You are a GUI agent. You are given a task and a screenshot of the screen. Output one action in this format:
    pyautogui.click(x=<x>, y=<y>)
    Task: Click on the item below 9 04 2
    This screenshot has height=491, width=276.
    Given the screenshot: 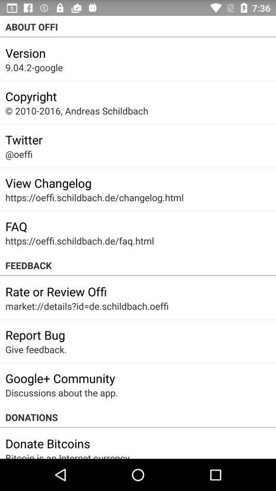 What is the action you would take?
    pyautogui.click(x=31, y=96)
    